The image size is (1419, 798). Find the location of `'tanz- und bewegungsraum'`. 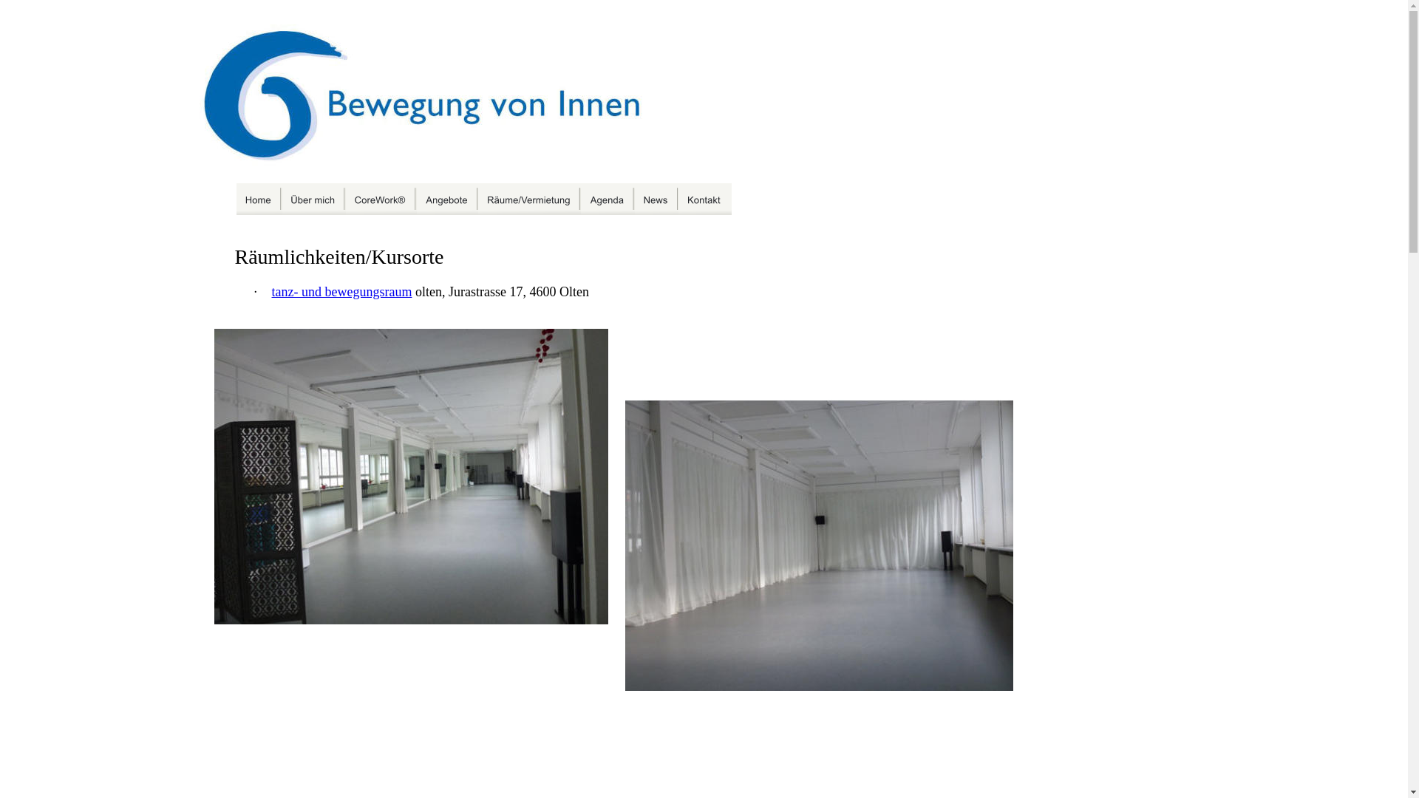

'tanz- und bewegungsraum' is located at coordinates (341, 291).